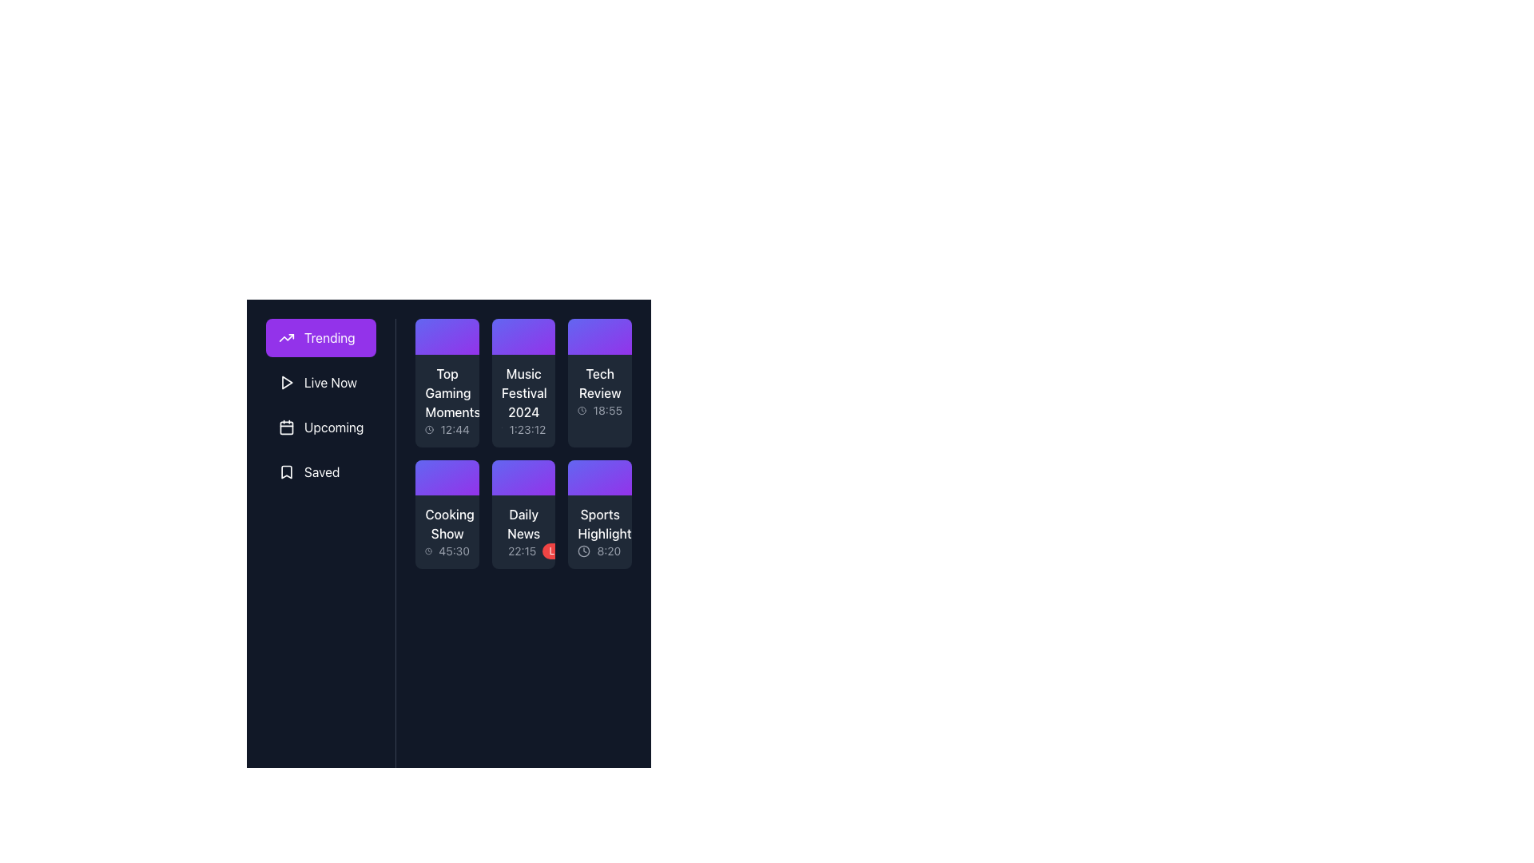  Describe the element at coordinates (287, 471) in the screenshot. I see `the bookmark icon located on the left-side navigation menu, adjacent to the 'Saved' label, which indicates saved items` at that location.